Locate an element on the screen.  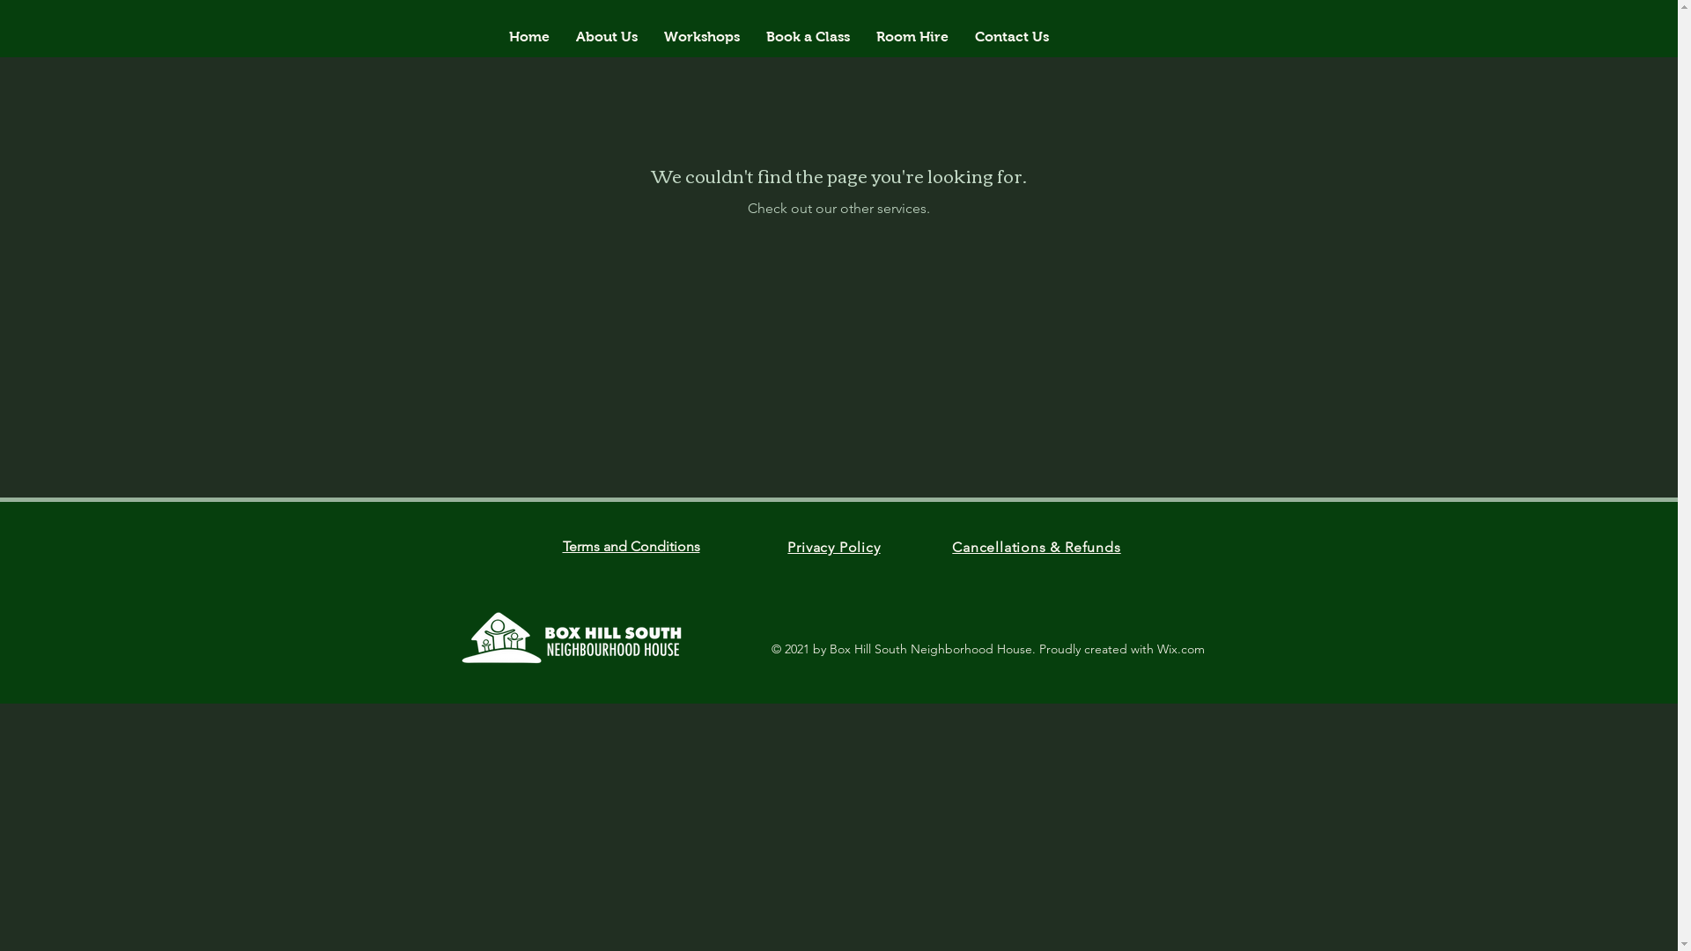
'Workshops' is located at coordinates (700, 37).